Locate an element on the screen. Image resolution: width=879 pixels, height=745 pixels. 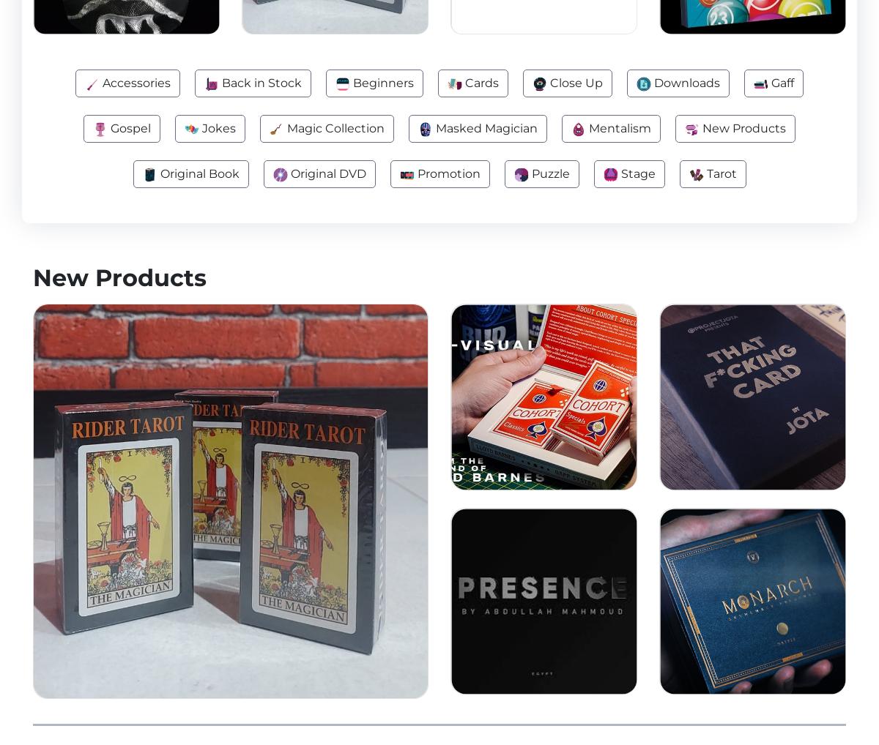
'Jokes' is located at coordinates (217, 128).